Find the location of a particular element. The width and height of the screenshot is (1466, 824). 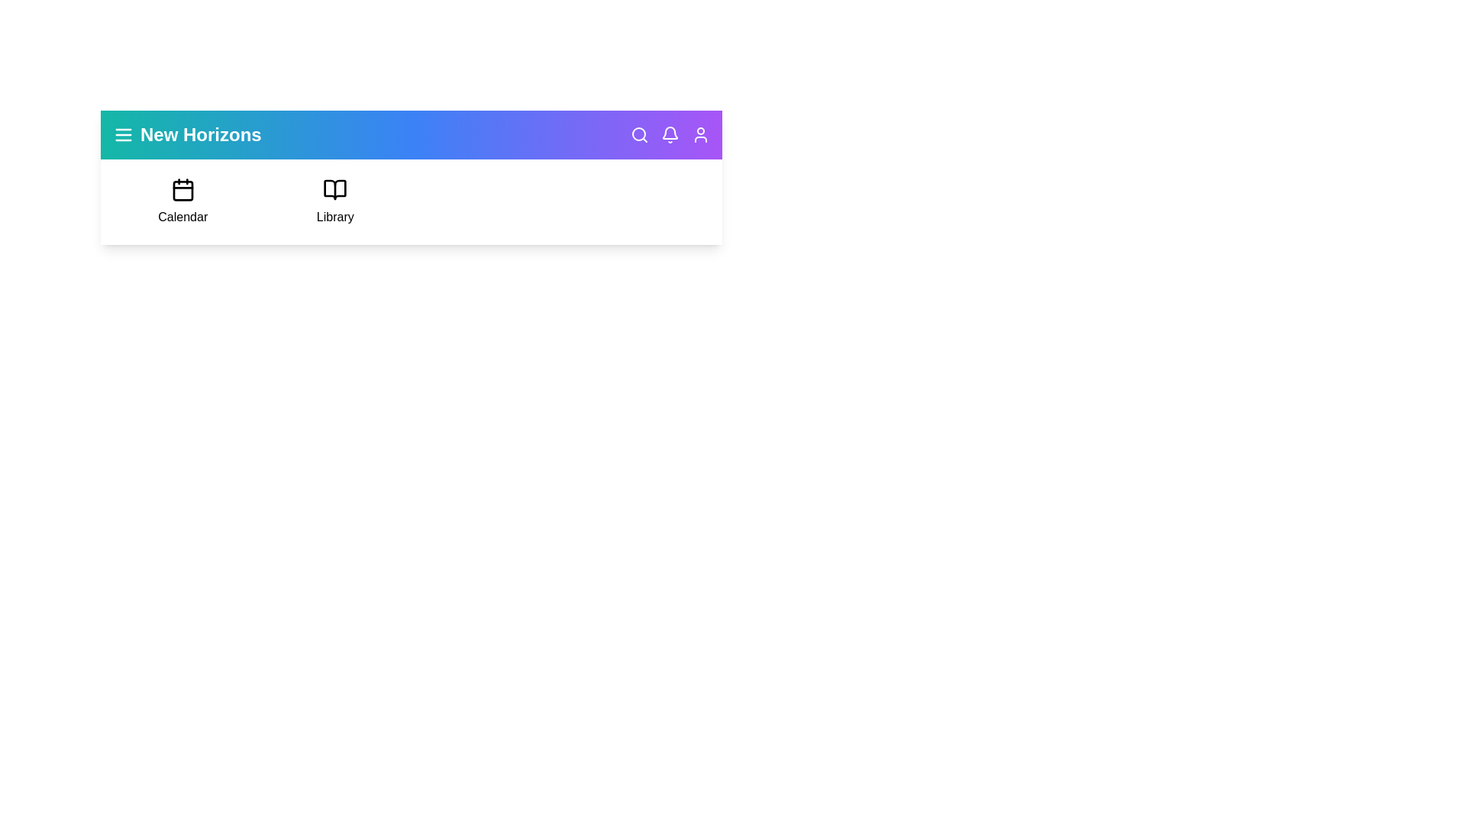

the search icon in the app bar is located at coordinates (640, 134).